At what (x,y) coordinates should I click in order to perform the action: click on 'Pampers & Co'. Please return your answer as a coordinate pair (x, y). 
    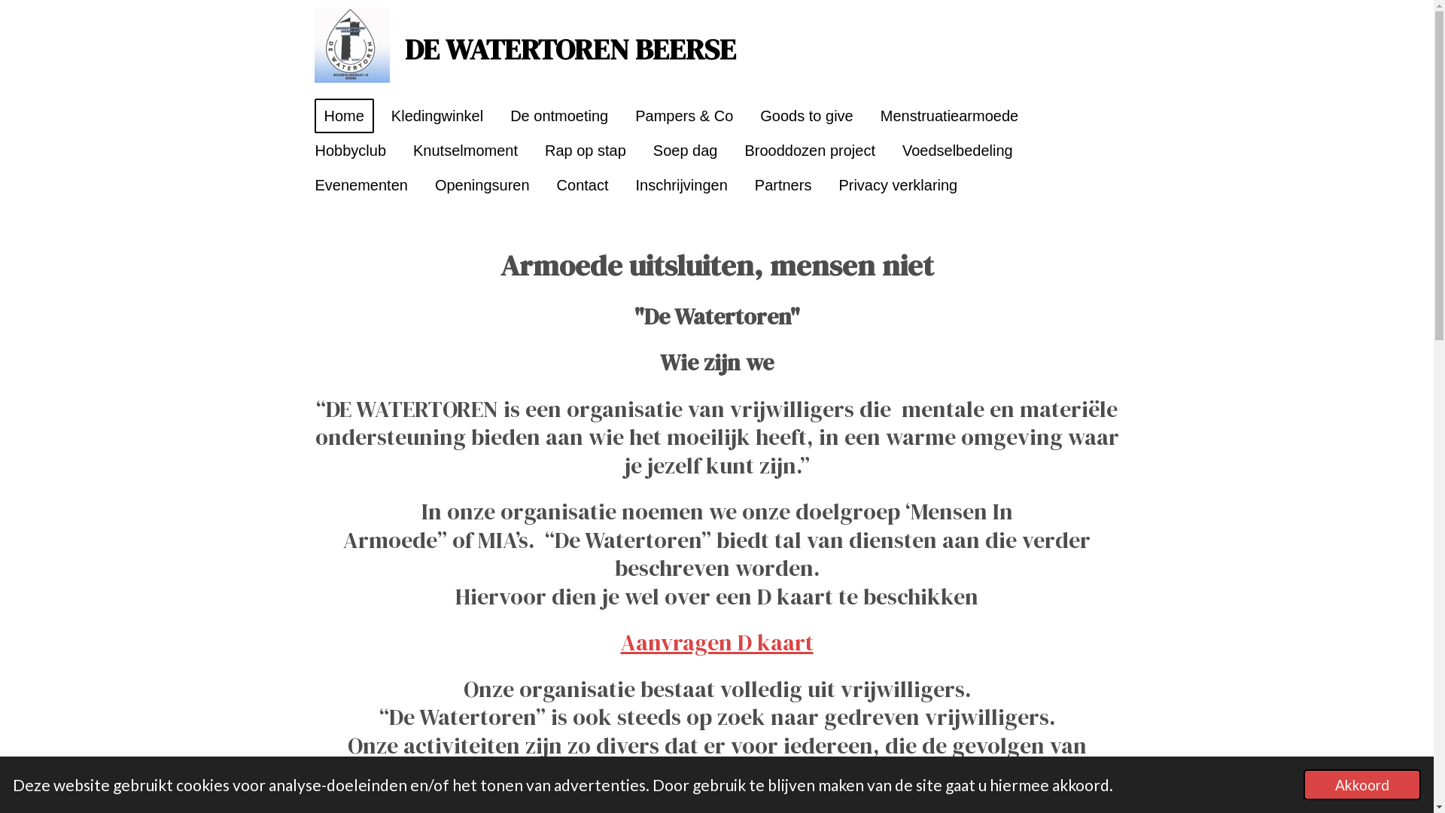
    Looking at the image, I should click on (683, 115).